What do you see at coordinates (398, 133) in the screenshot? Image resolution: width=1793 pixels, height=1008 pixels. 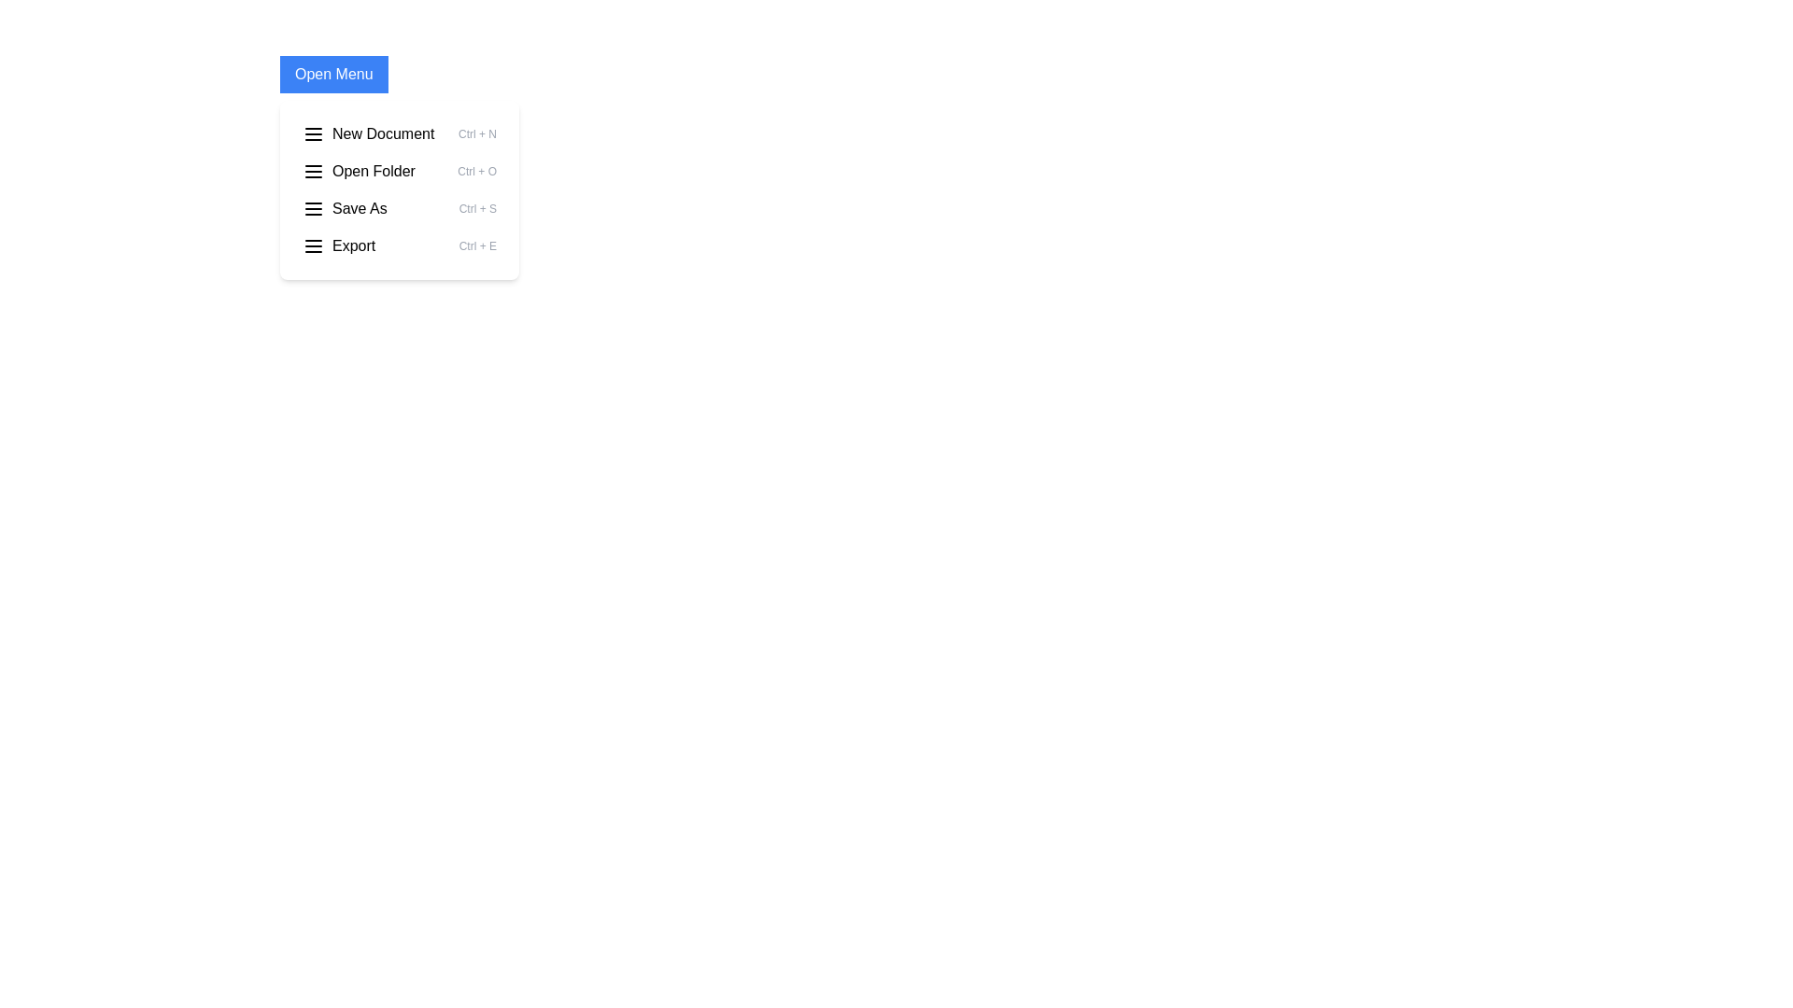 I see `the 'Create New Document' list item located directly below the 'Open Menu' button in the drop-down menu` at bounding box center [398, 133].